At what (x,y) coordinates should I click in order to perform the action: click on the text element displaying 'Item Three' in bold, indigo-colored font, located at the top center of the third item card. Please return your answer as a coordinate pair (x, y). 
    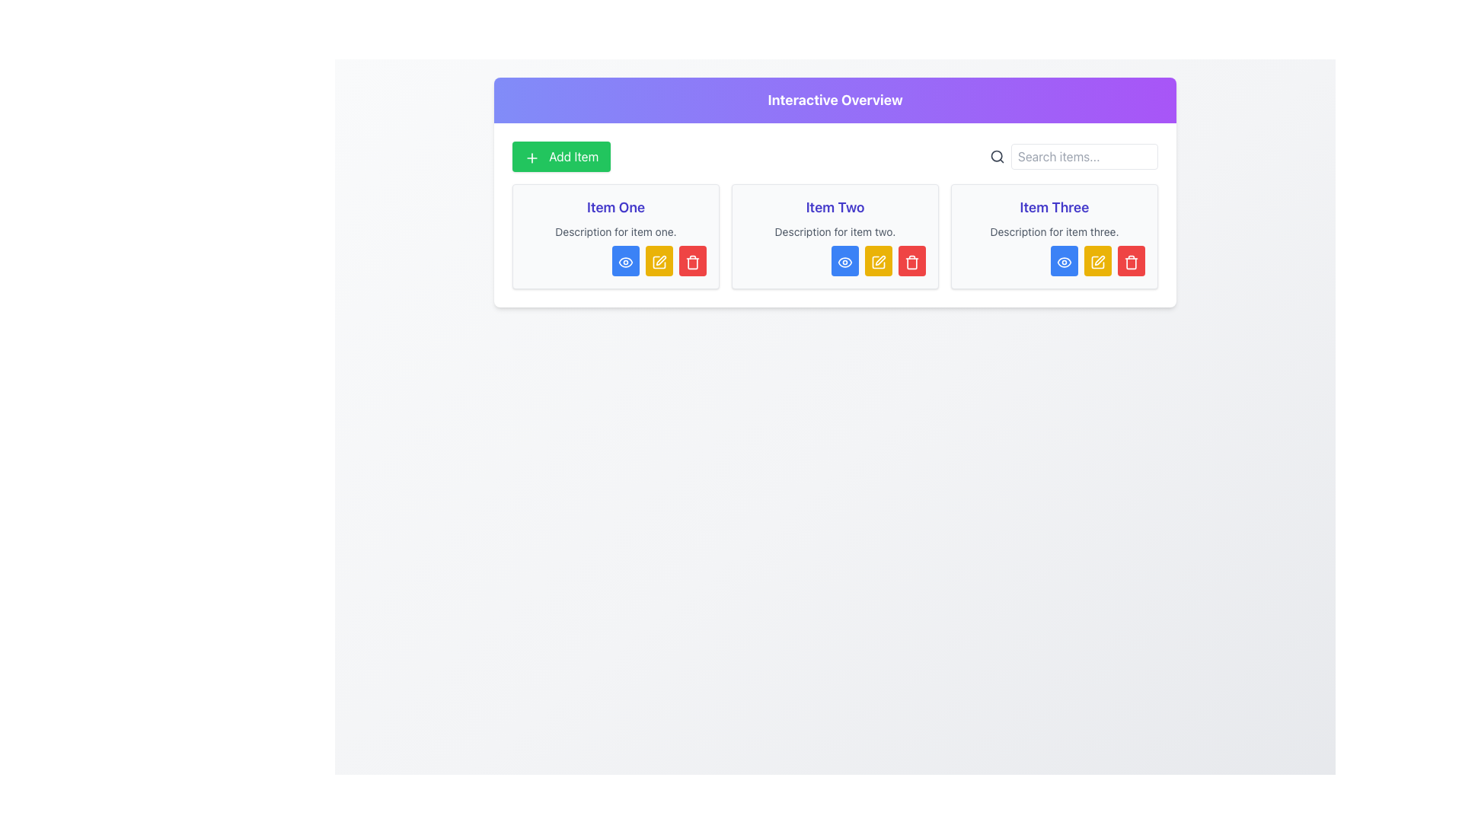
    Looking at the image, I should click on (1054, 208).